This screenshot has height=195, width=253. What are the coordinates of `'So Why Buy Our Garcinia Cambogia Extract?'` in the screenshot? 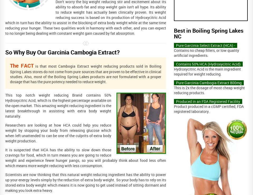 It's located at (62, 52).